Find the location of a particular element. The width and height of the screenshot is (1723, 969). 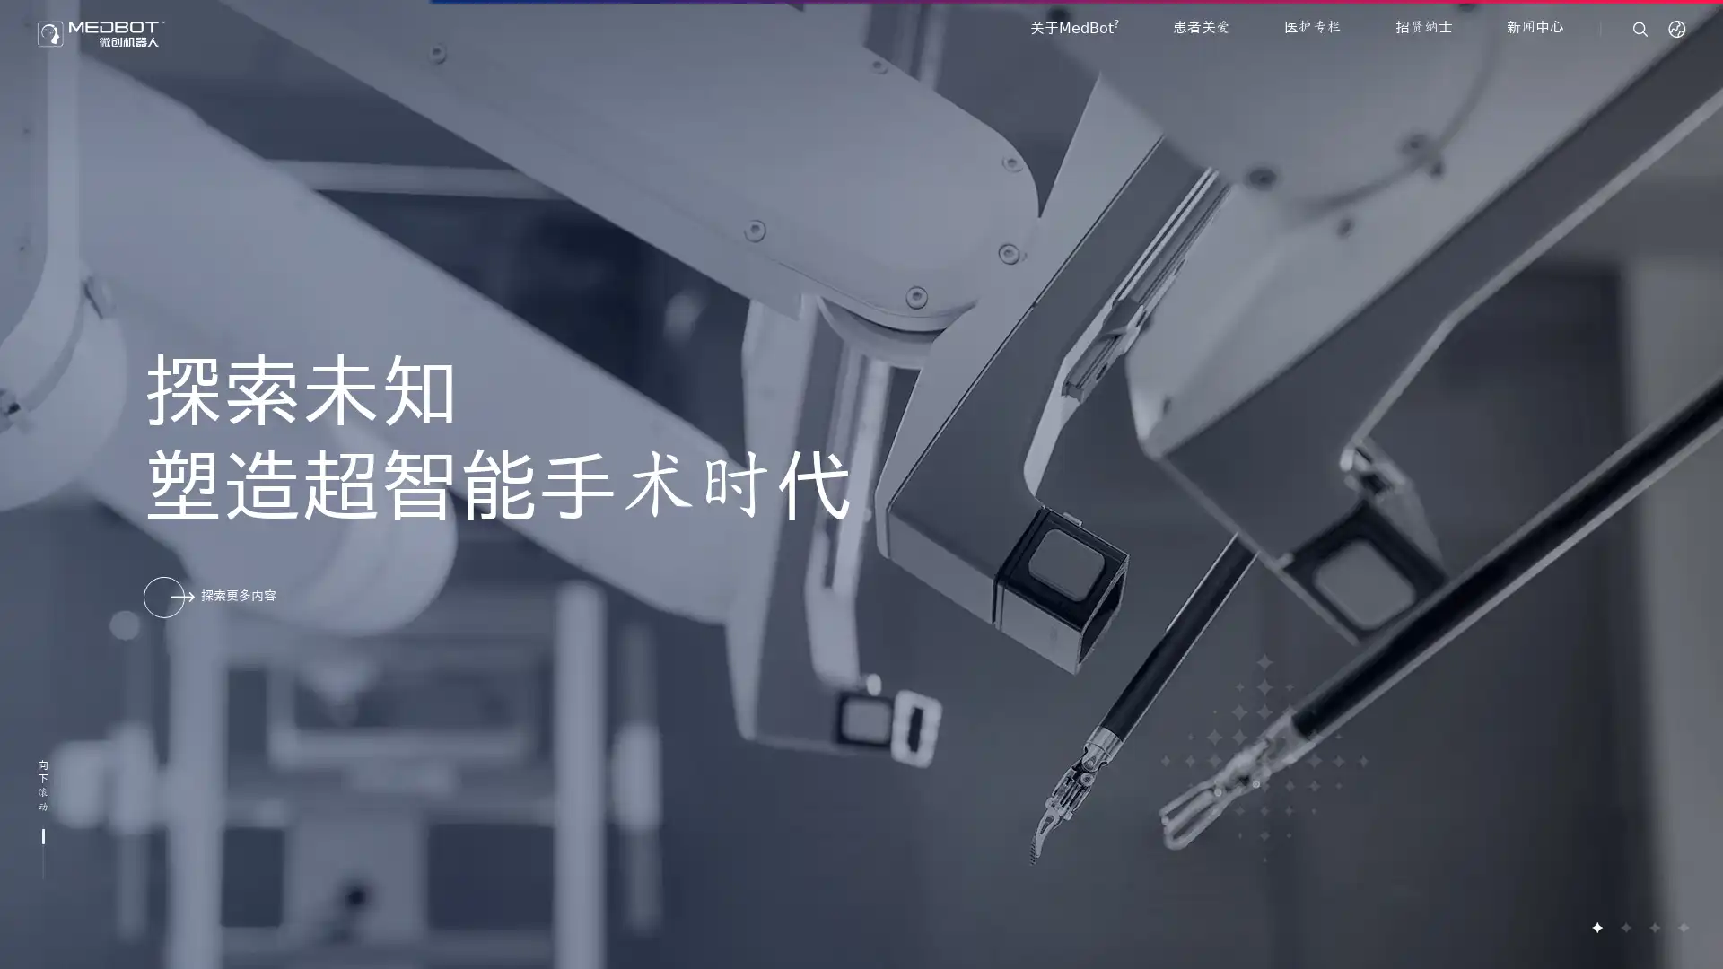

Go to slide 2 is located at coordinates (1624, 927).